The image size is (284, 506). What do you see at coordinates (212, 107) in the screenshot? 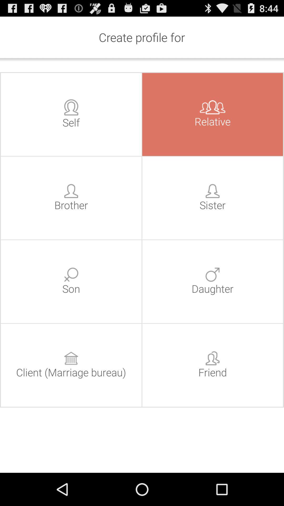
I see `the people image option above relative` at bounding box center [212, 107].